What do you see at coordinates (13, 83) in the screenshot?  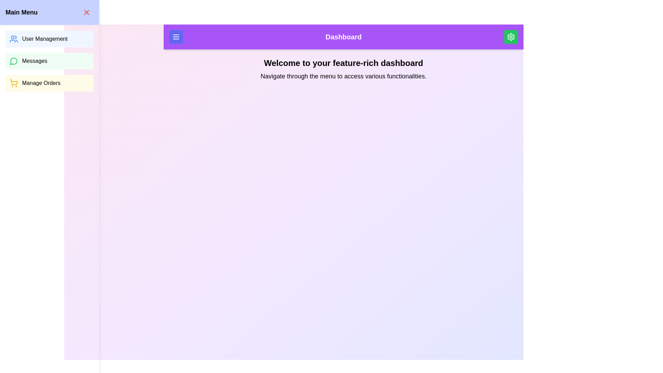 I see `the shopping cart icon, which is a bold yellow wireframe cart located to the left of the 'Manage Orders' text in the vertical menu list` at bounding box center [13, 83].